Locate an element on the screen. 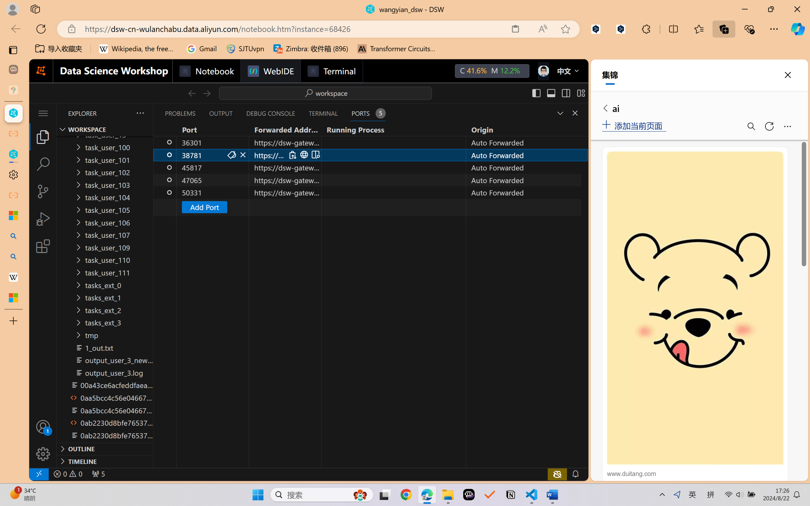 The image size is (810, 506). 'Accounts - Sign in requested' is located at coordinates (43, 426).